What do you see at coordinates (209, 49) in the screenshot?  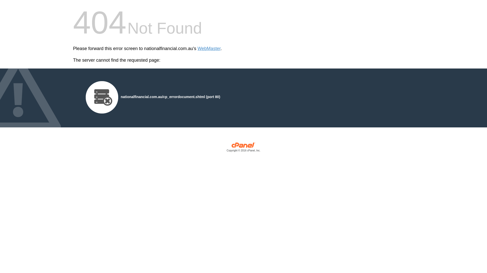 I see `'WebMaster'` at bounding box center [209, 49].